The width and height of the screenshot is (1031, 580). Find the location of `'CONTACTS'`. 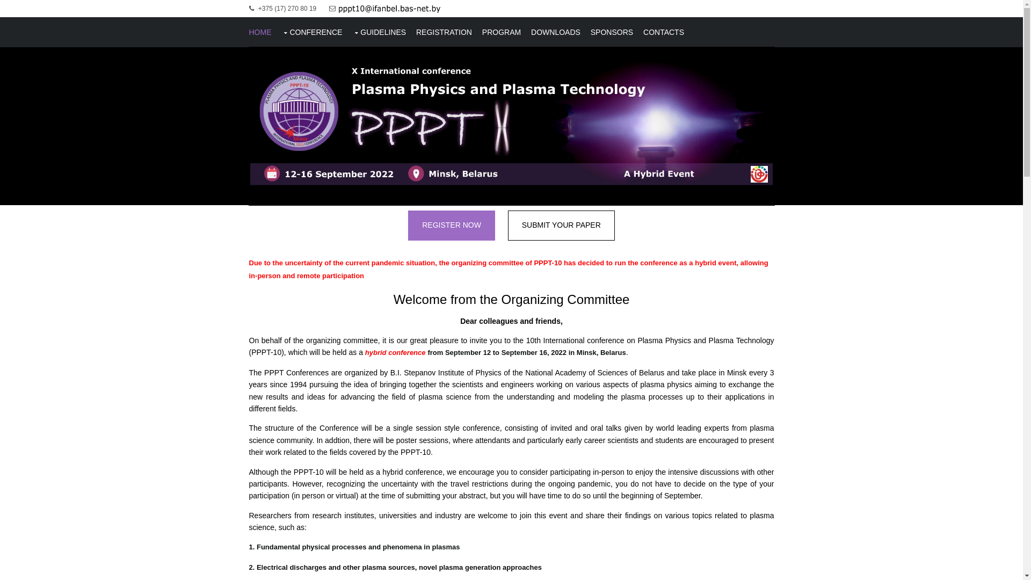

'CONTACTS' is located at coordinates (663, 32).